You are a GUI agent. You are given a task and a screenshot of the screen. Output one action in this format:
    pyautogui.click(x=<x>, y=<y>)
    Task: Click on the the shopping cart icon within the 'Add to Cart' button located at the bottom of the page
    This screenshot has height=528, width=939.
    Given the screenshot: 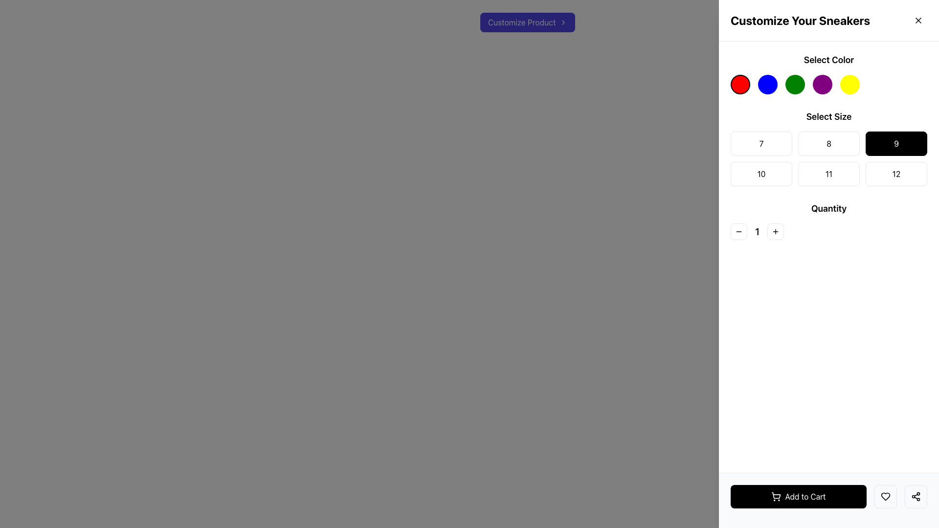 What is the action you would take?
    pyautogui.click(x=776, y=495)
    